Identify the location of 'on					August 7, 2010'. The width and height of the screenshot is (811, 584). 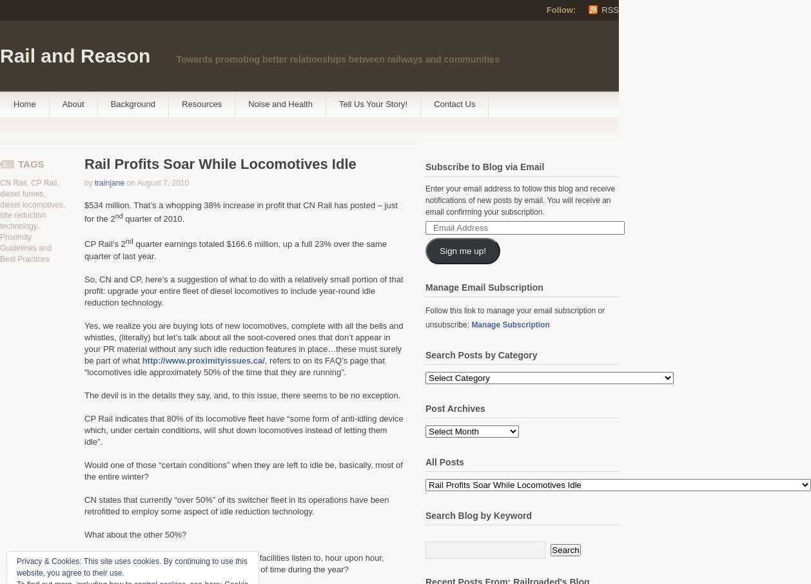
(157, 182).